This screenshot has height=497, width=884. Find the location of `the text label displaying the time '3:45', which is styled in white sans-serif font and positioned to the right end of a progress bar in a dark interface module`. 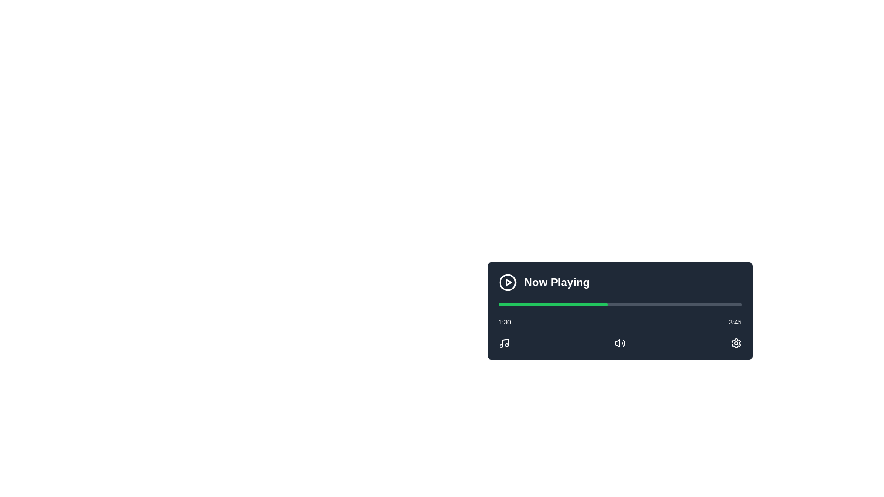

the text label displaying the time '3:45', which is styled in white sans-serif font and positioned to the right end of a progress bar in a dark interface module is located at coordinates (734, 321).